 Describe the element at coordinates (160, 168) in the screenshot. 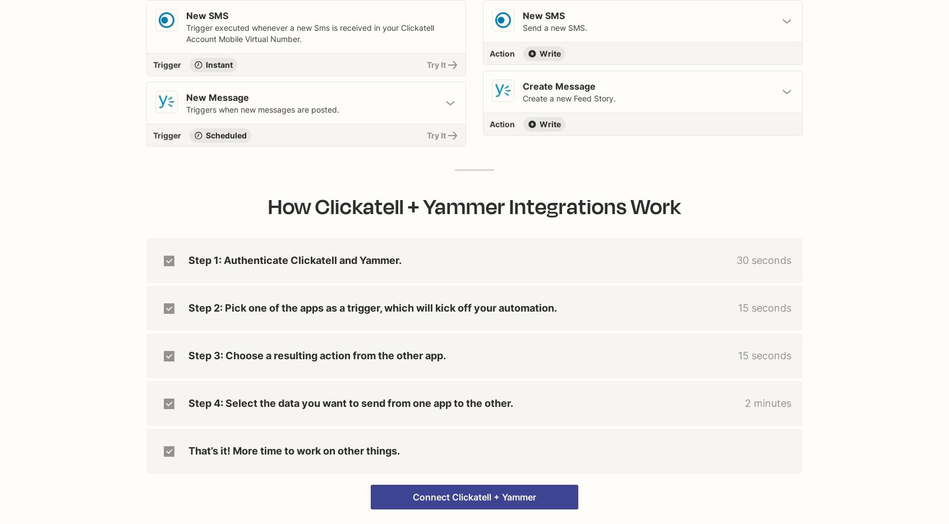

I see `'Zapier checks for new data every 15 min on the Free plan'` at that location.